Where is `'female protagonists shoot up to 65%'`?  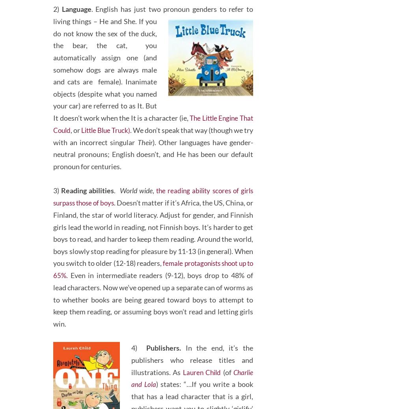
'female protagonists shoot up to 65%' is located at coordinates (53, 291).